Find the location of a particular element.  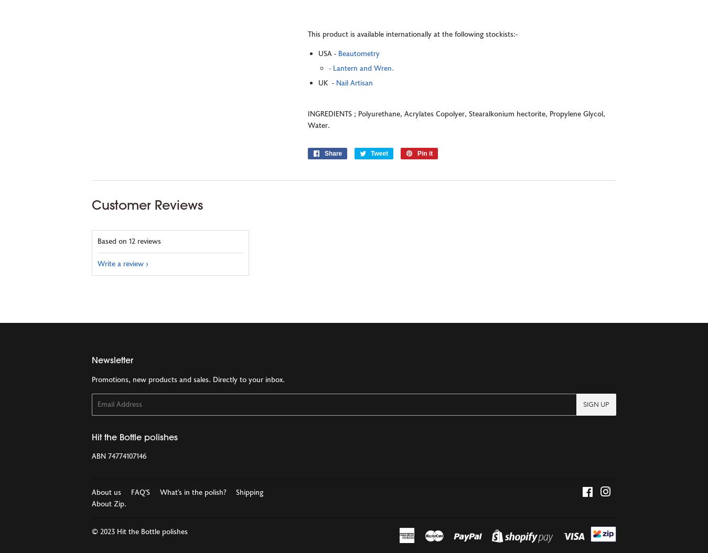

'Newsletter' is located at coordinates (91, 360).